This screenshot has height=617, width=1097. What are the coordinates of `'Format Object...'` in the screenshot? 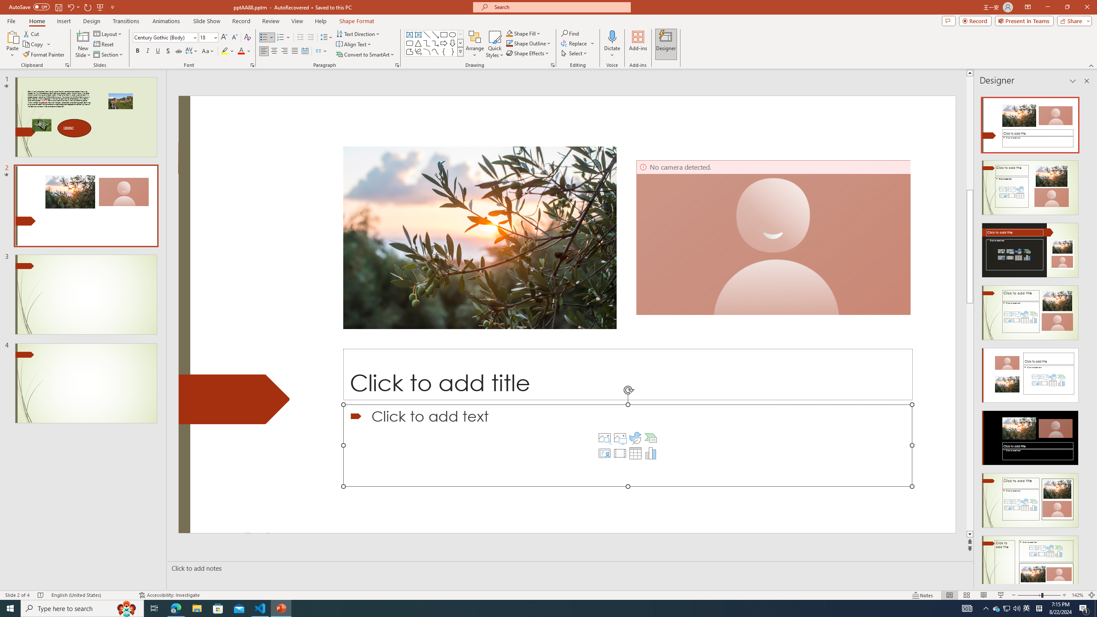 It's located at (552, 64).